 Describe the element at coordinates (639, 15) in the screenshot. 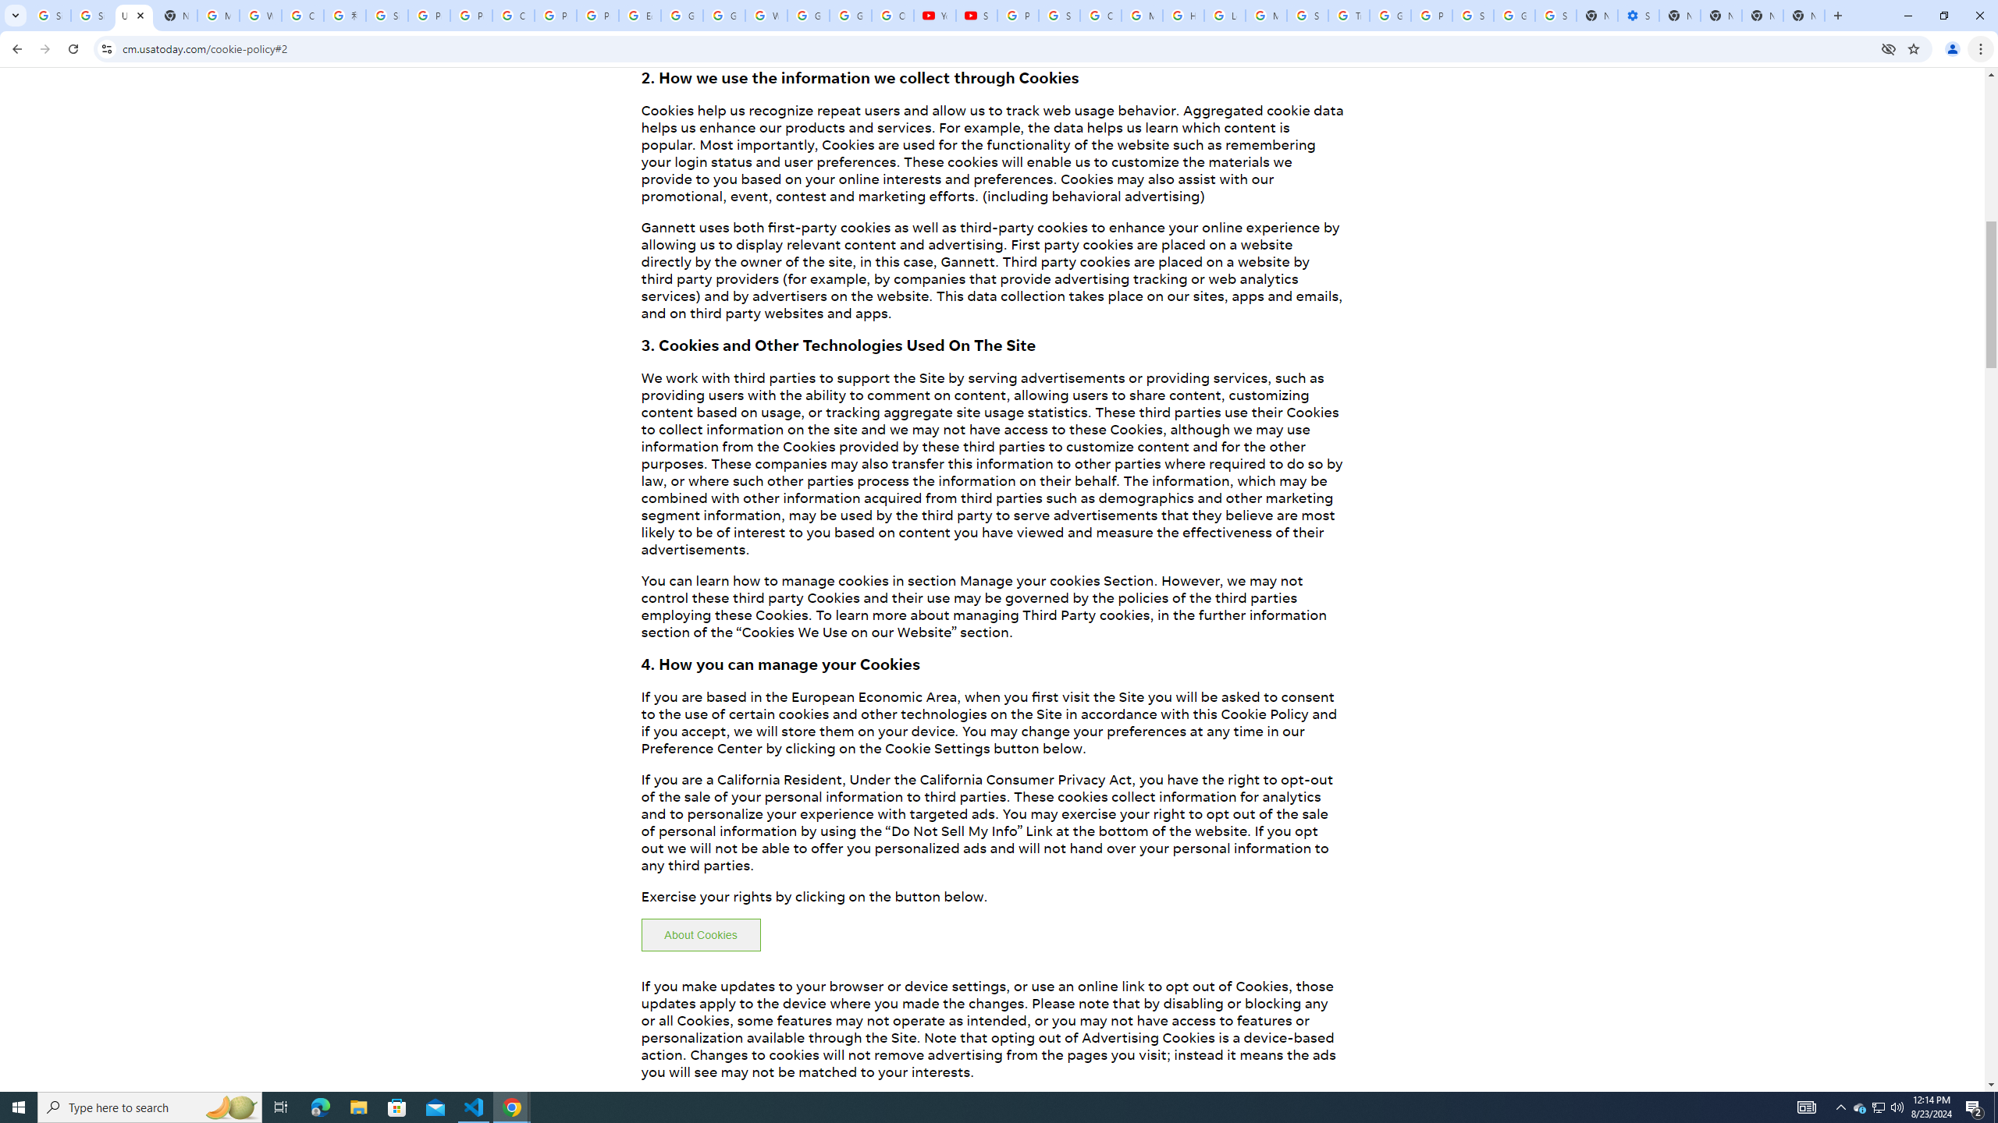

I see `'Edit and view right-to-left text - Google Docs Editors Help'` at that location.